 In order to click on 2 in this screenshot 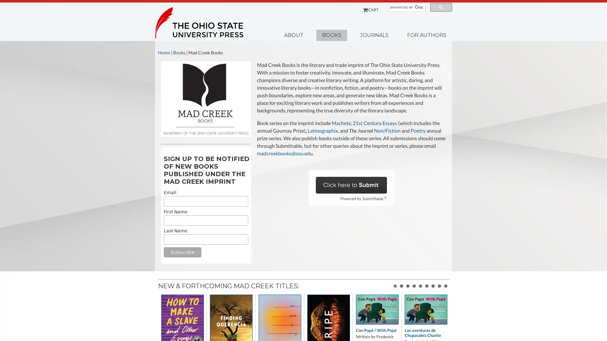, I will do `click(401, 286)`.